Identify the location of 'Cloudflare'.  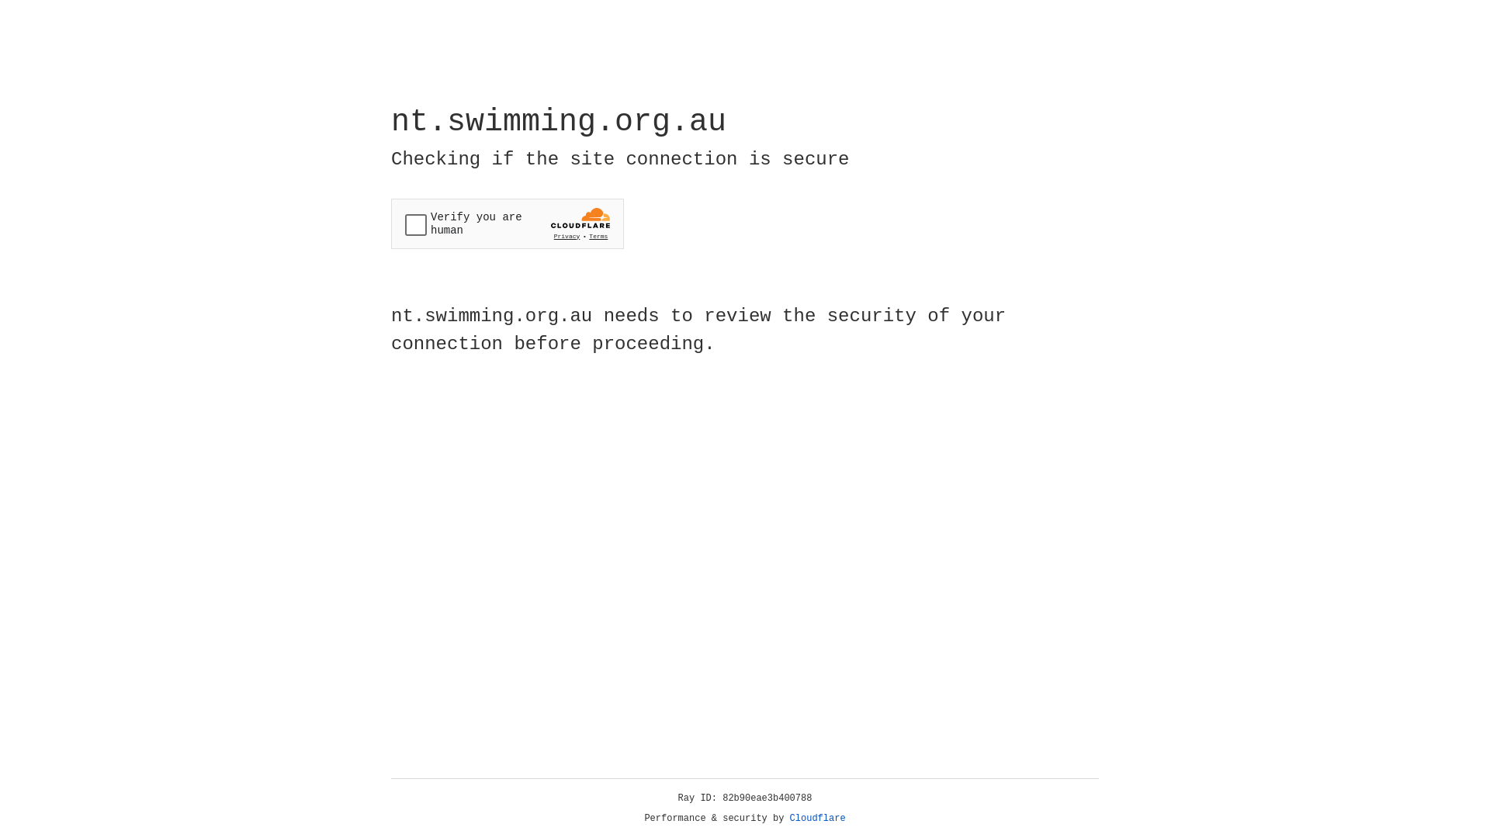
(789, 818).